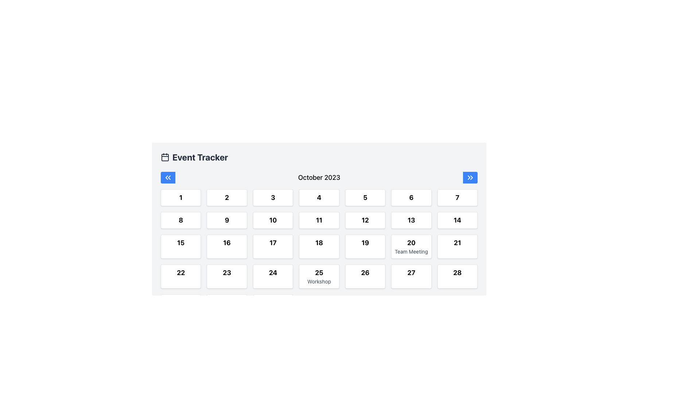 Image resolution: width=700 pixels, height=394 pixels. What do you see at coordinates (226, 246) in the screenshot?
I see `the calendar date cell representing the 16th day, located in the third row and second column of the calendar layout` at bounding box center [226, 246].